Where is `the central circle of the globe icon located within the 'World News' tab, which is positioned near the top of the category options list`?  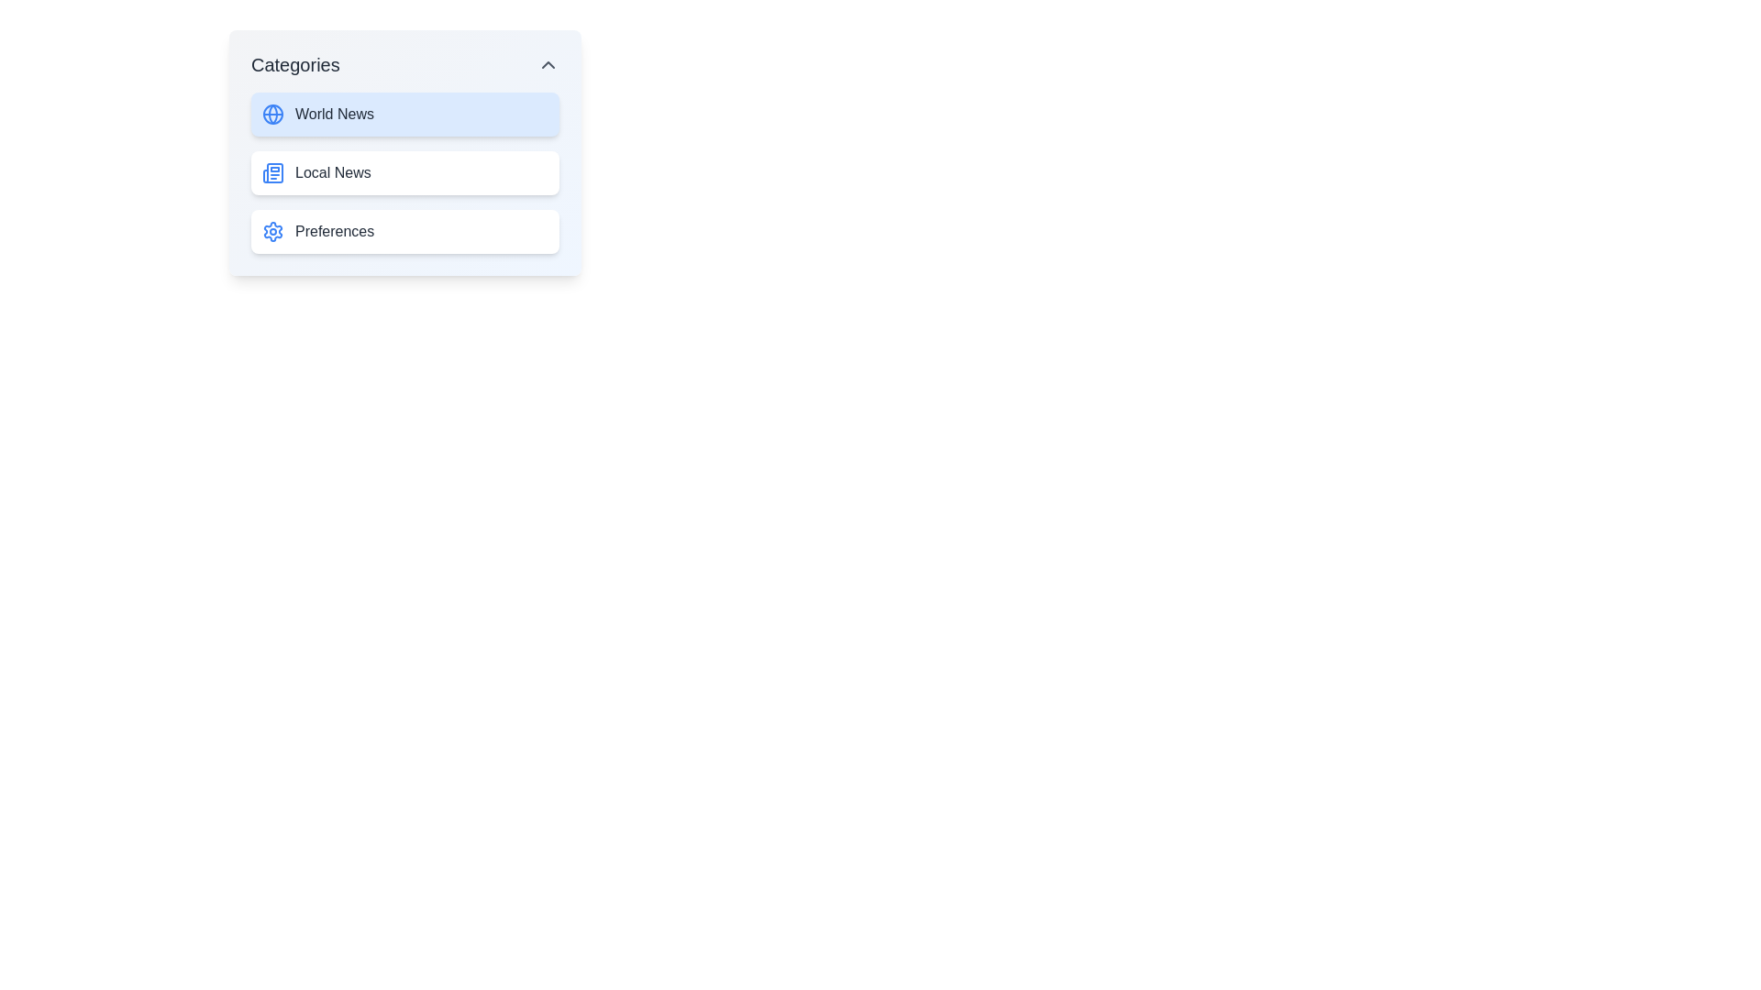 the central circle of the globe icon located within the 'World News' tab, which is positioned near the top of the category options list is located at coordinates (271, 114).